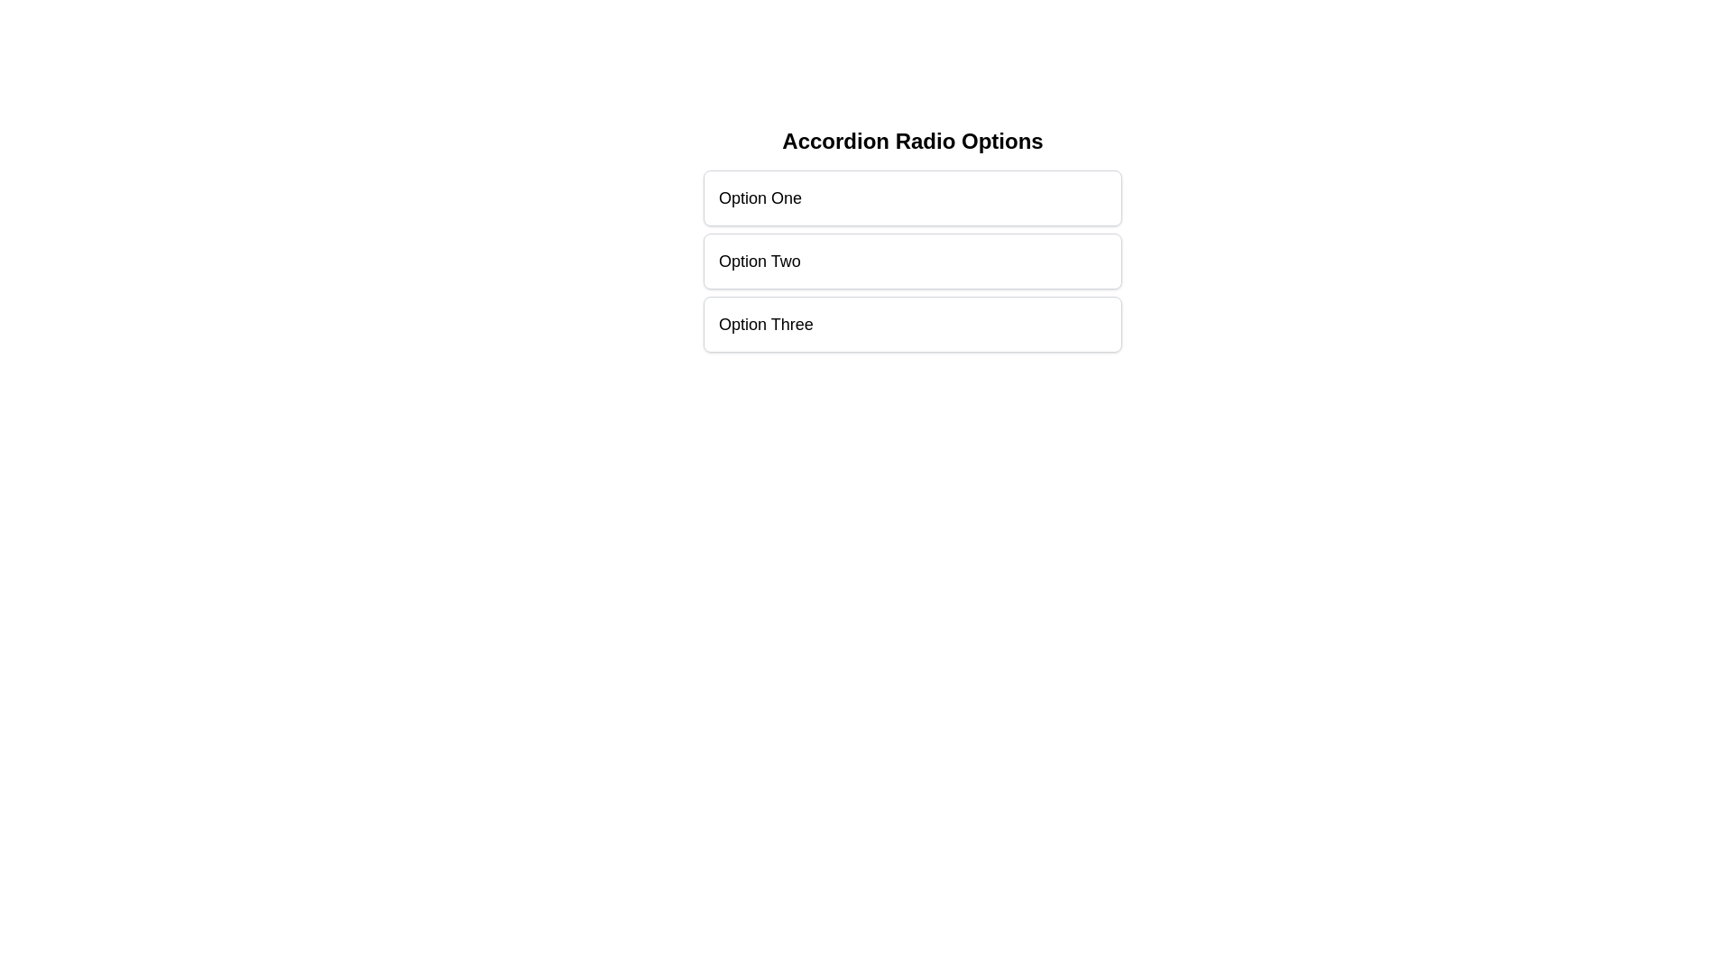  I want to click on the third item in the 'Accordion Radio Options' list, so click(913, 323).